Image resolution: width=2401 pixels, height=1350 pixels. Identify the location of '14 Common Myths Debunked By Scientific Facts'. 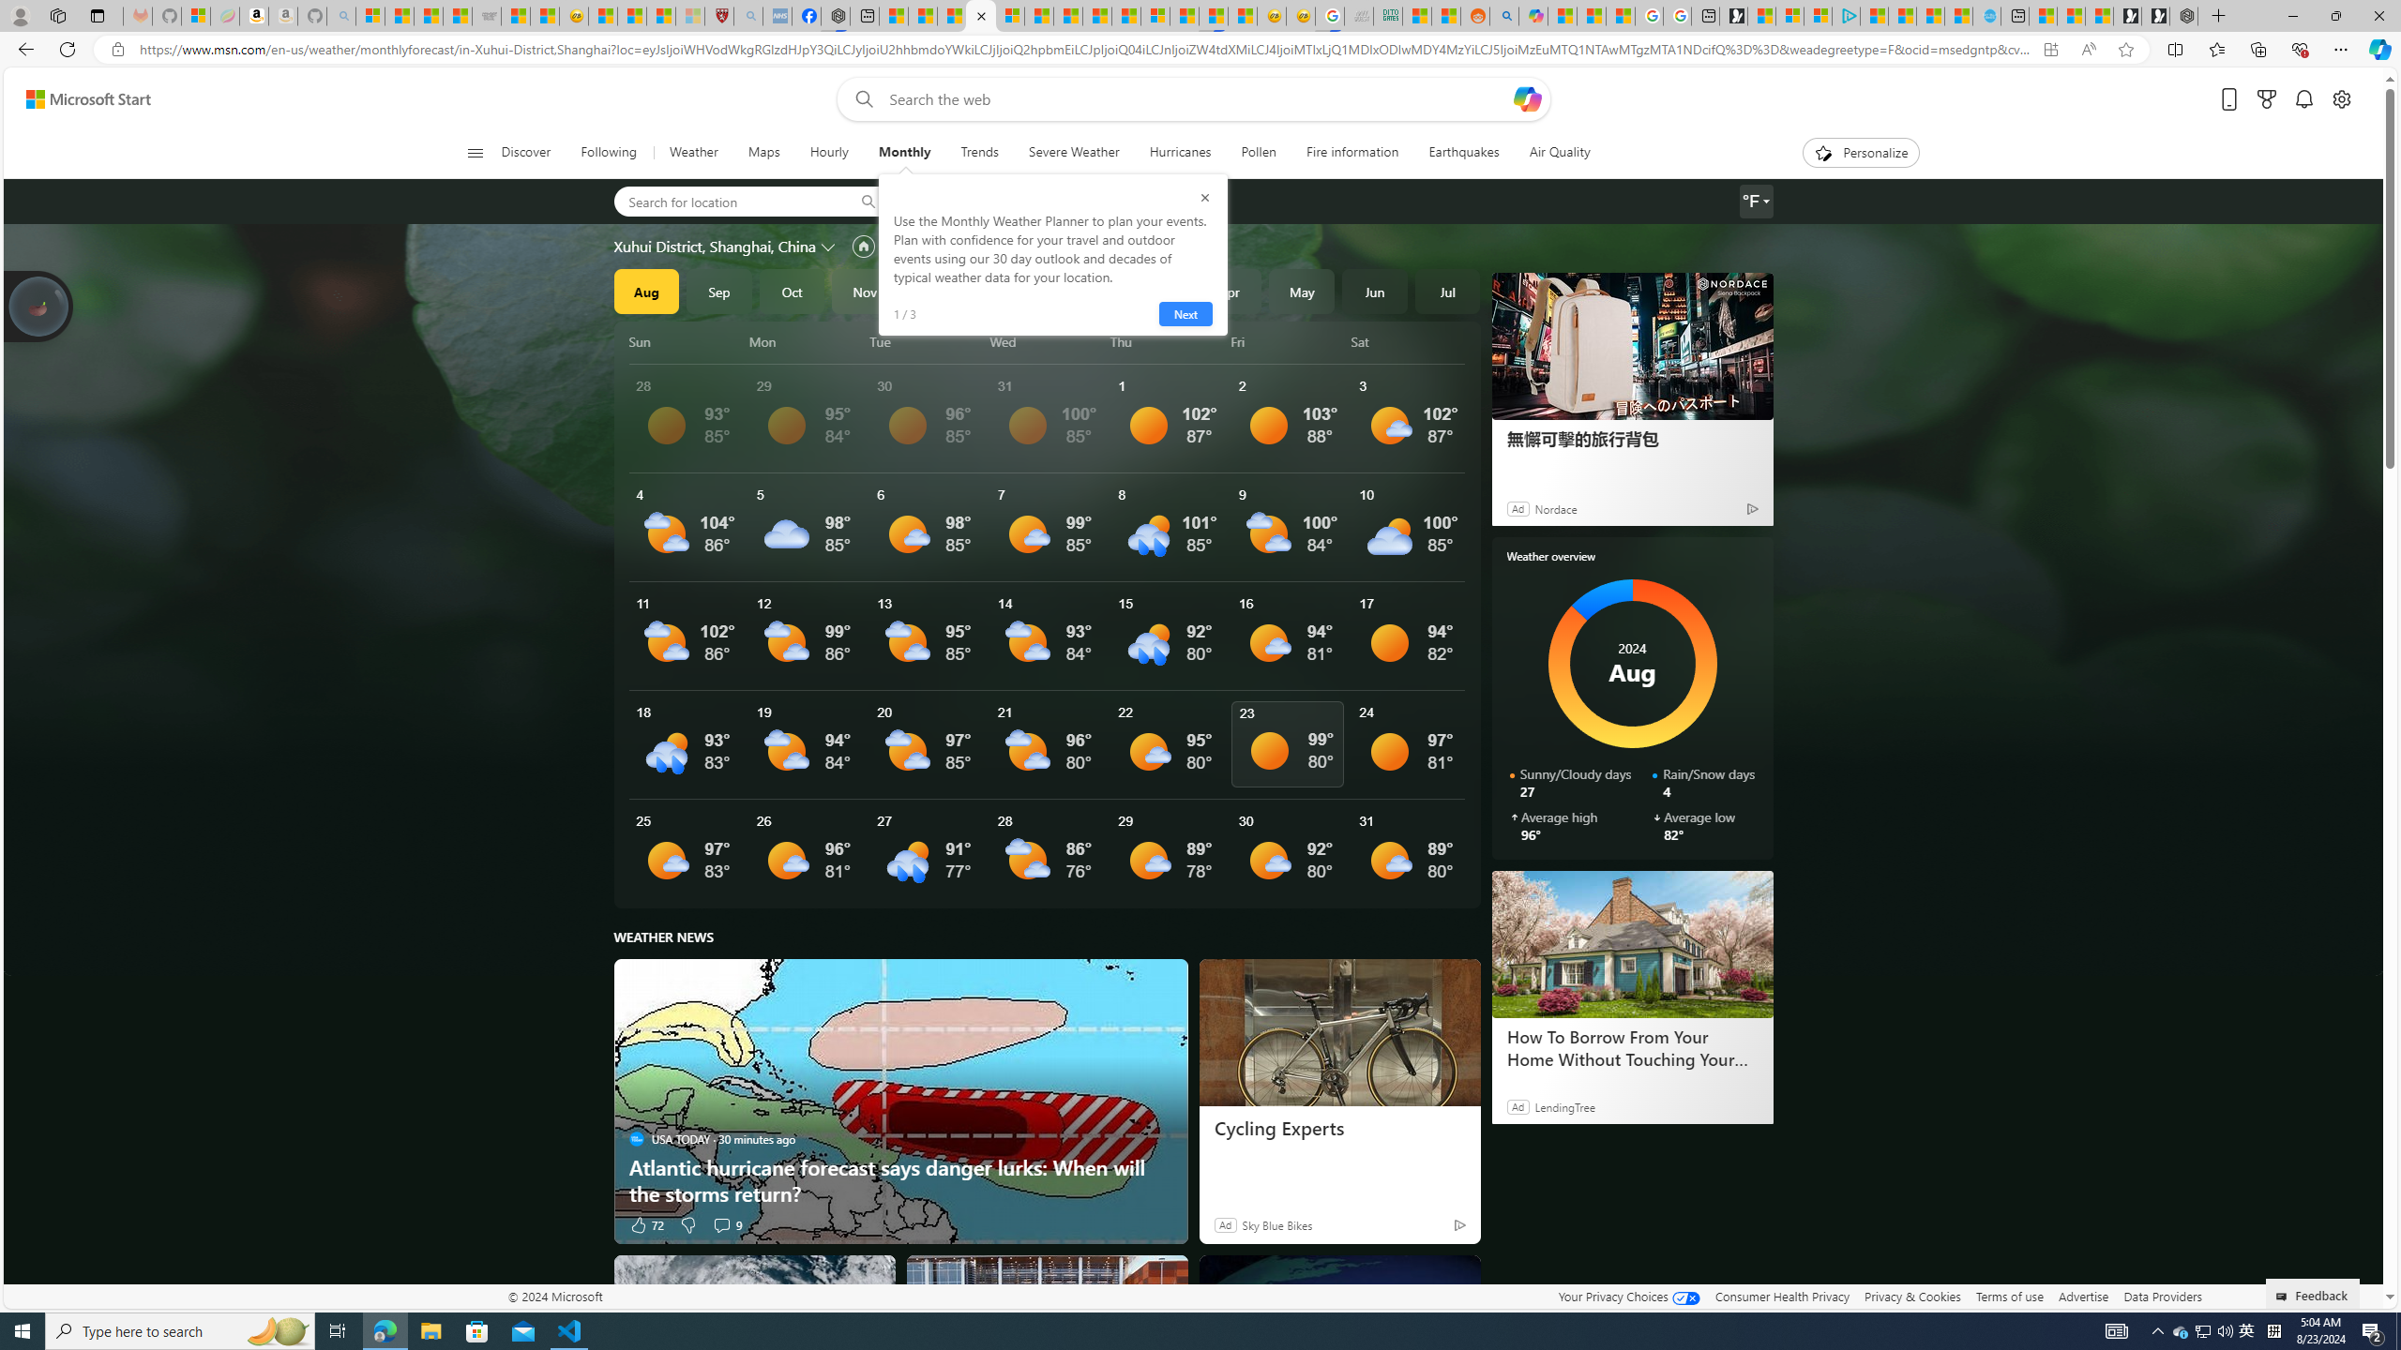
(1096, 15).